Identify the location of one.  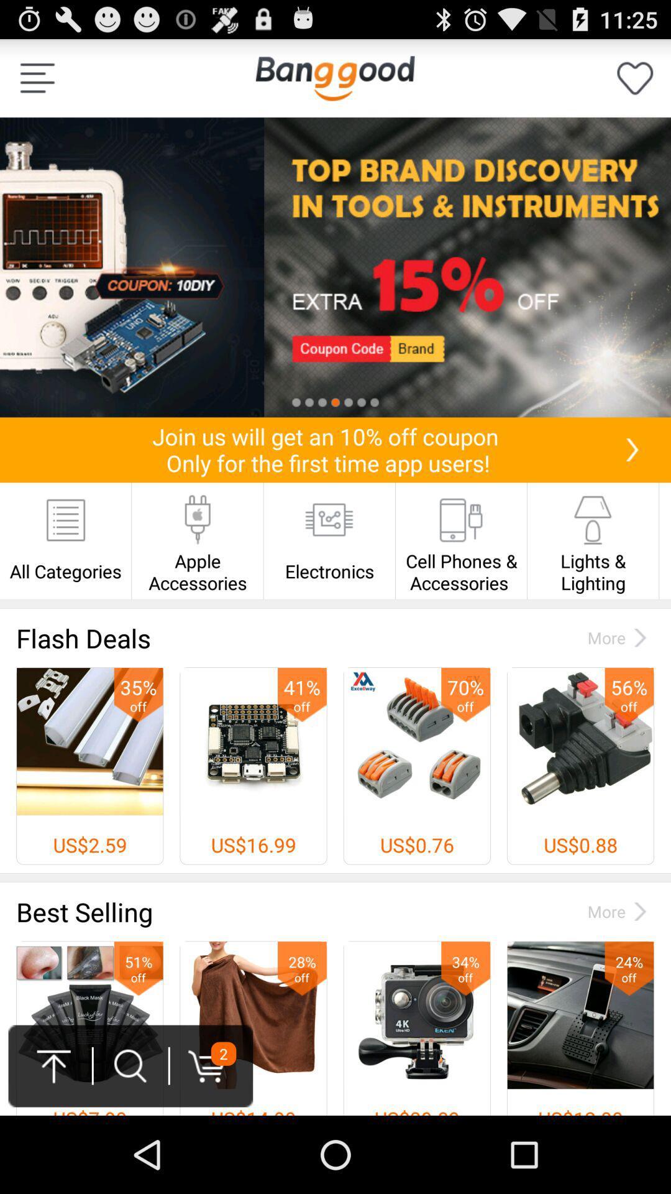
(635, 77).